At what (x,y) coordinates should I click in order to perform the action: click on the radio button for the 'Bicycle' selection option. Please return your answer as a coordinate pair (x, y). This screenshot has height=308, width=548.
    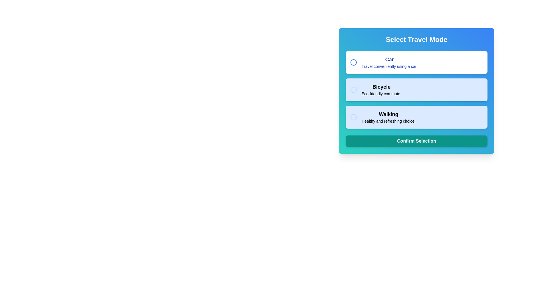
    Looking at the image, I should click on (353, 90).